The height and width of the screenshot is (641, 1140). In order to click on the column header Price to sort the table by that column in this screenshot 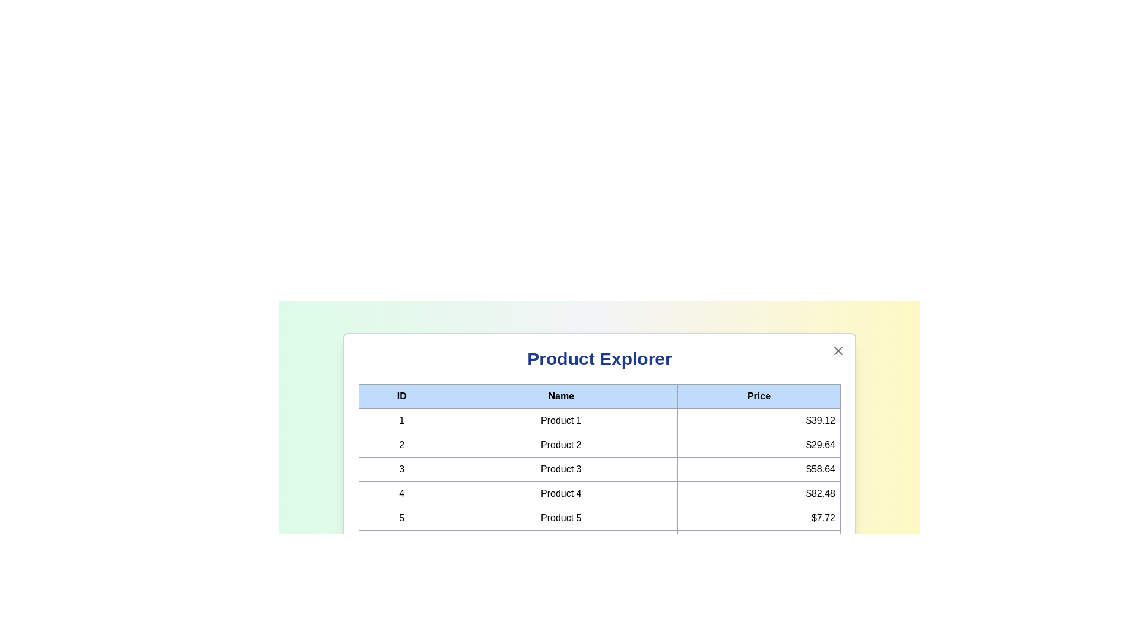, I will do `click(758, 396)`.